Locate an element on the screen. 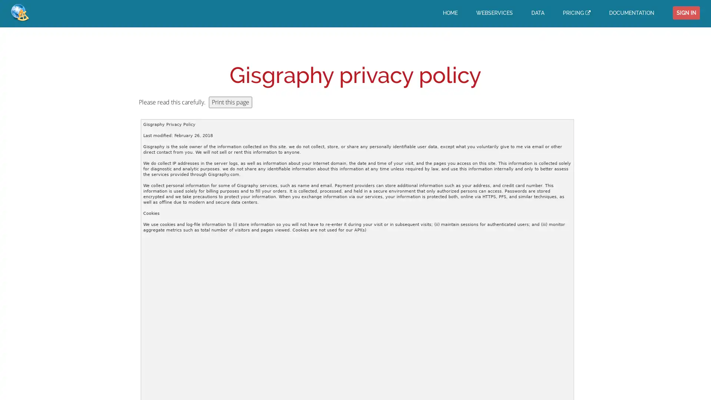  Print this page is located at coordinates (230, 102).